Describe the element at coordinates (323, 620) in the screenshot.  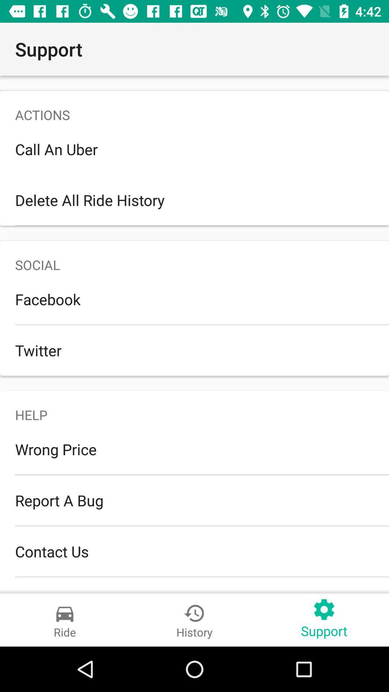
I see `the right bottom corner button of the page` at that location.